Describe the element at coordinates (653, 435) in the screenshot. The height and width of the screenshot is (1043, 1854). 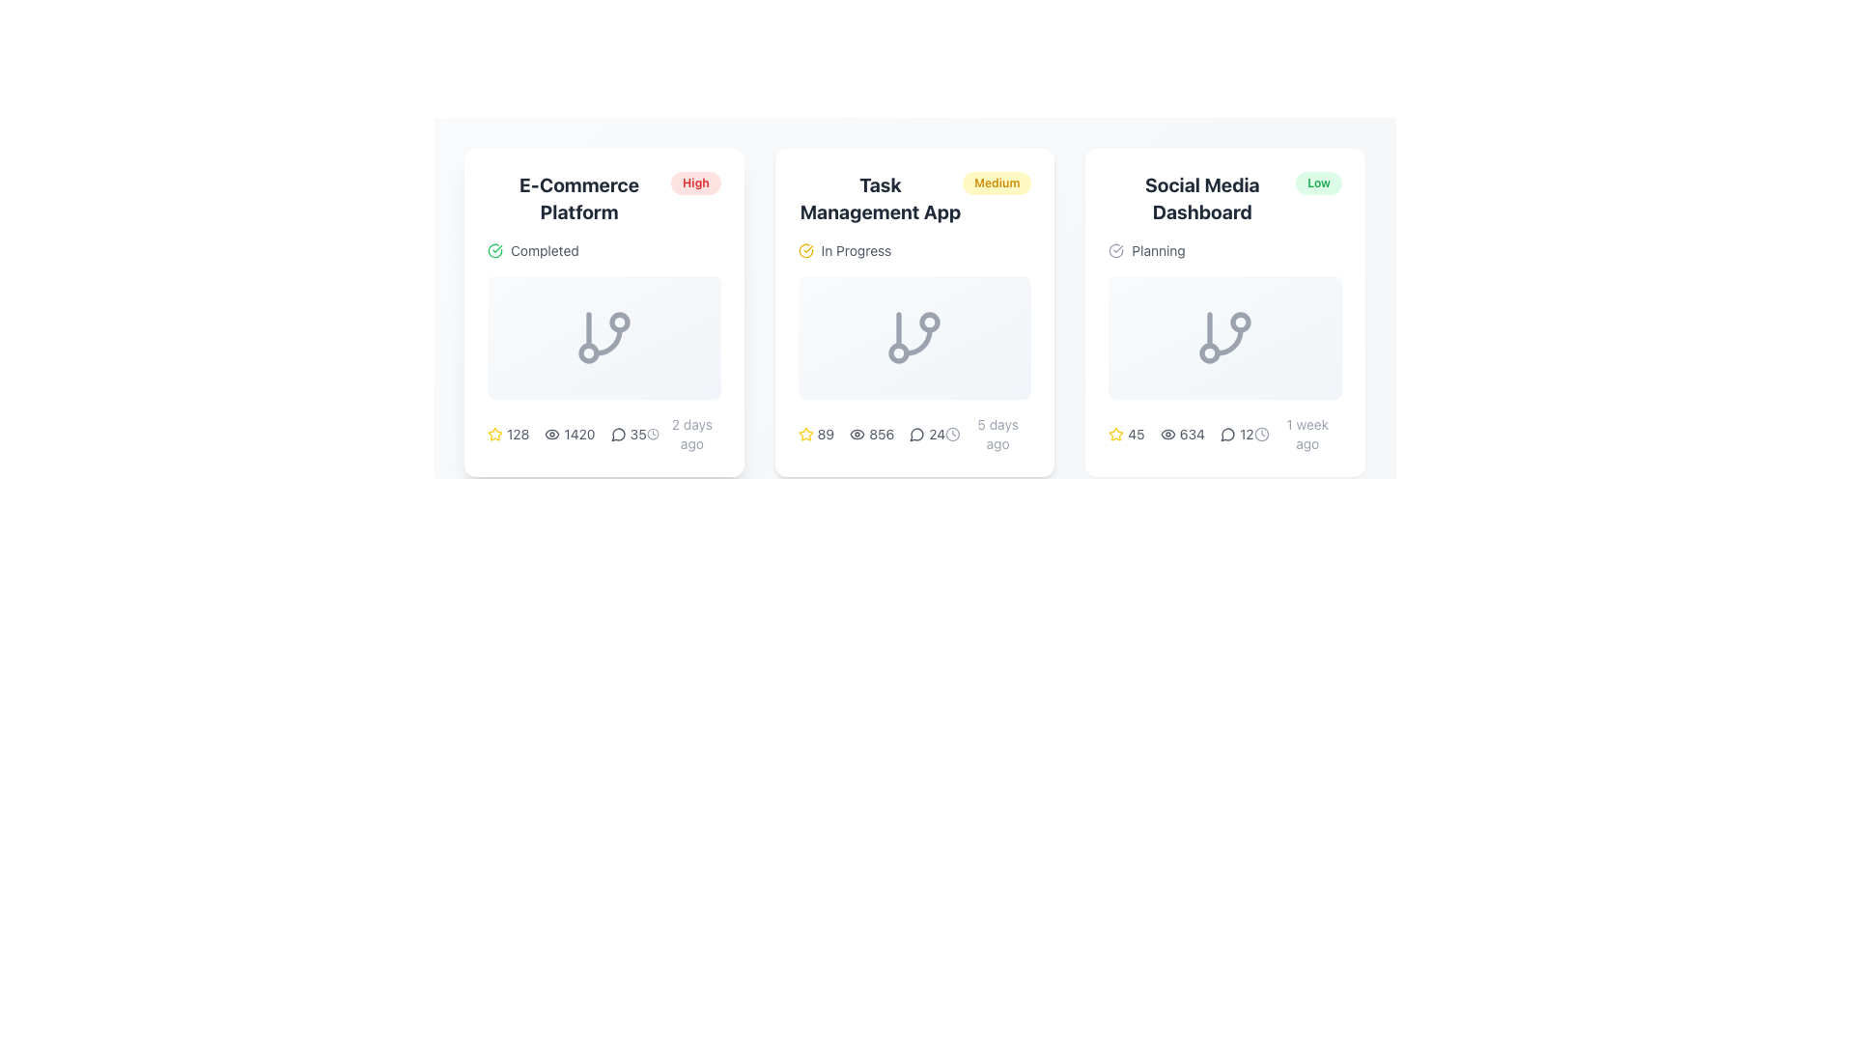
I see `the time icon located` at that location.